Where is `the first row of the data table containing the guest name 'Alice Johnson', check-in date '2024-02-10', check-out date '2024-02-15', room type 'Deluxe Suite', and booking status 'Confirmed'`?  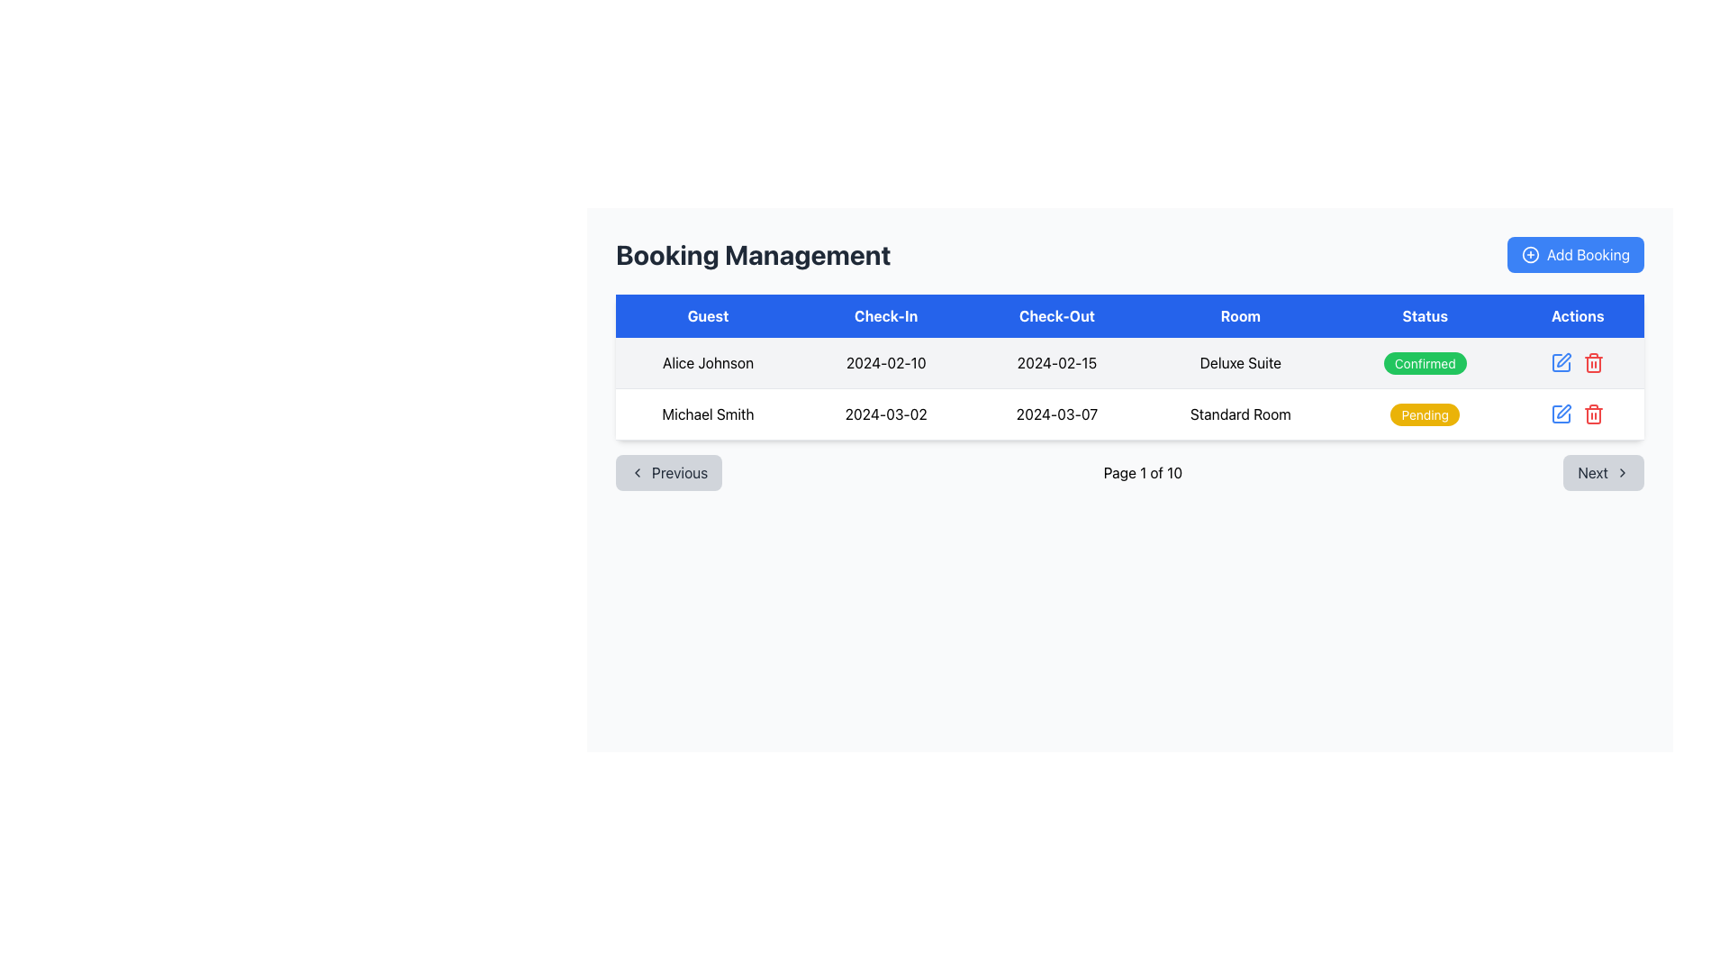 the first row of the data table containing the guest name 'Alice Johnson', check-in date '2024-02-10', check-out date '2024-02-15', room type 'Deluxe Suite', and booking status 'Confirmed' is located at coordinates (1128, 362).